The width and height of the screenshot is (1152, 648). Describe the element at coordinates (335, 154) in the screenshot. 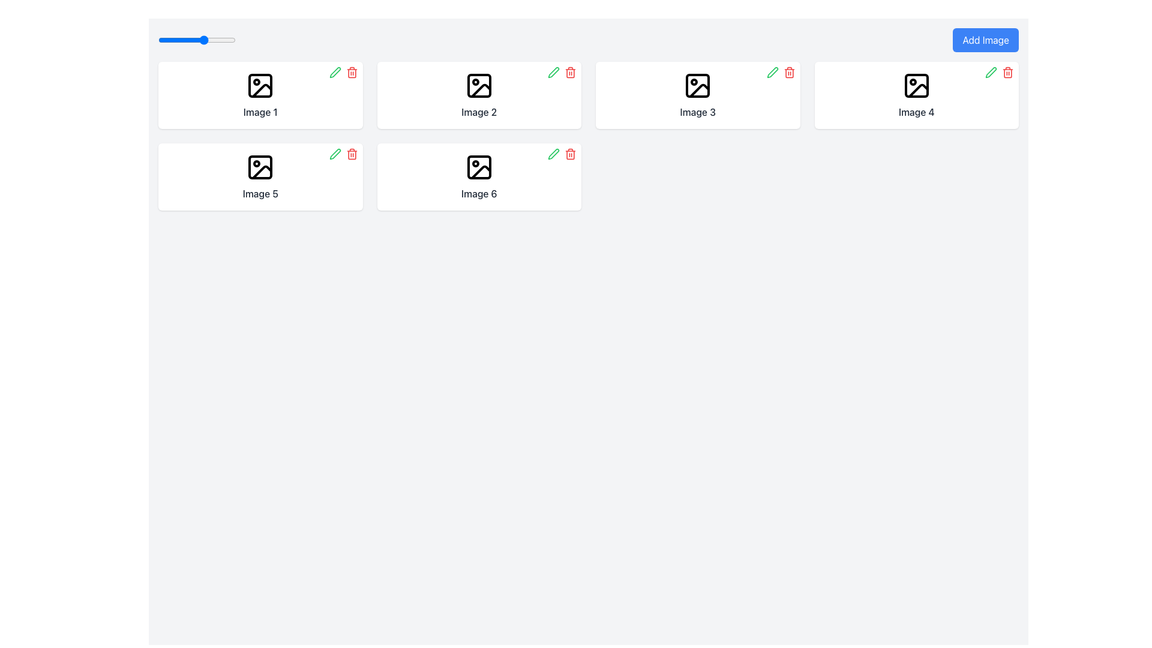

I see `the pen icon located at the top-right corner of the thumbnail labeled 'Image 5'` at that location.